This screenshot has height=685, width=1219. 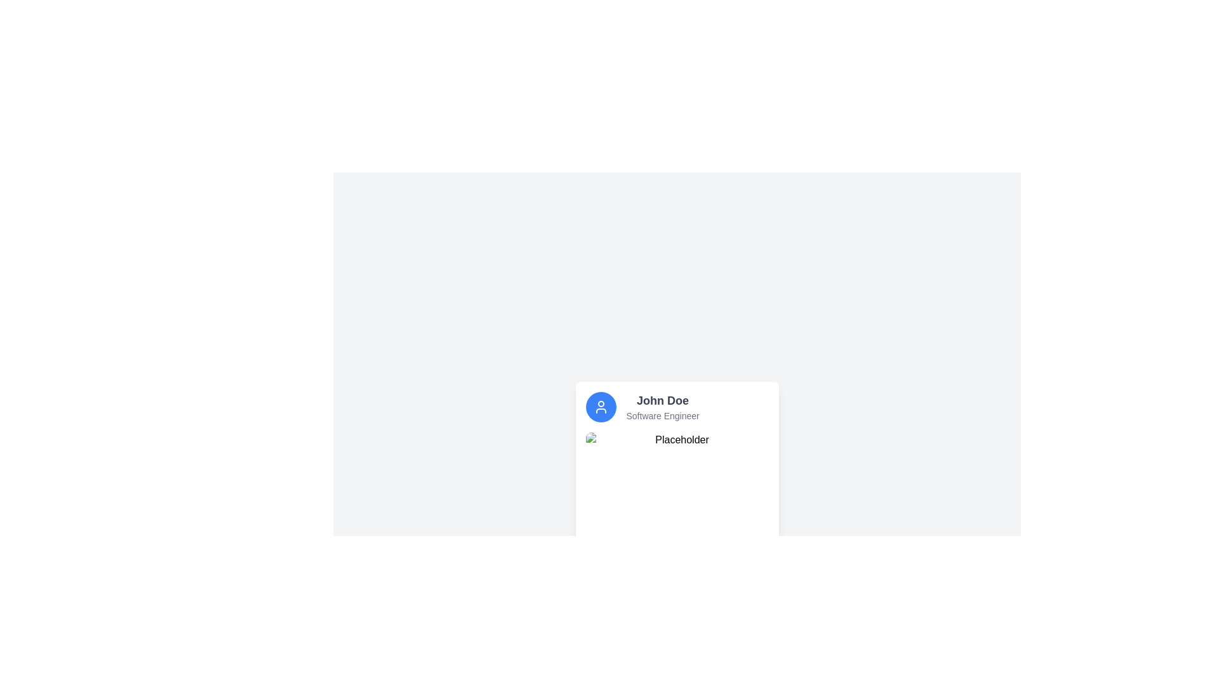 What do you see at coordinates (662, 401) in the screenshot?
I see `the text label displaying 'John Doe', which is in bold, medium-large font size and dark gray color, positioned above the 'Software Engineer' text in a professional card layout` at bounding box center [662, 401].